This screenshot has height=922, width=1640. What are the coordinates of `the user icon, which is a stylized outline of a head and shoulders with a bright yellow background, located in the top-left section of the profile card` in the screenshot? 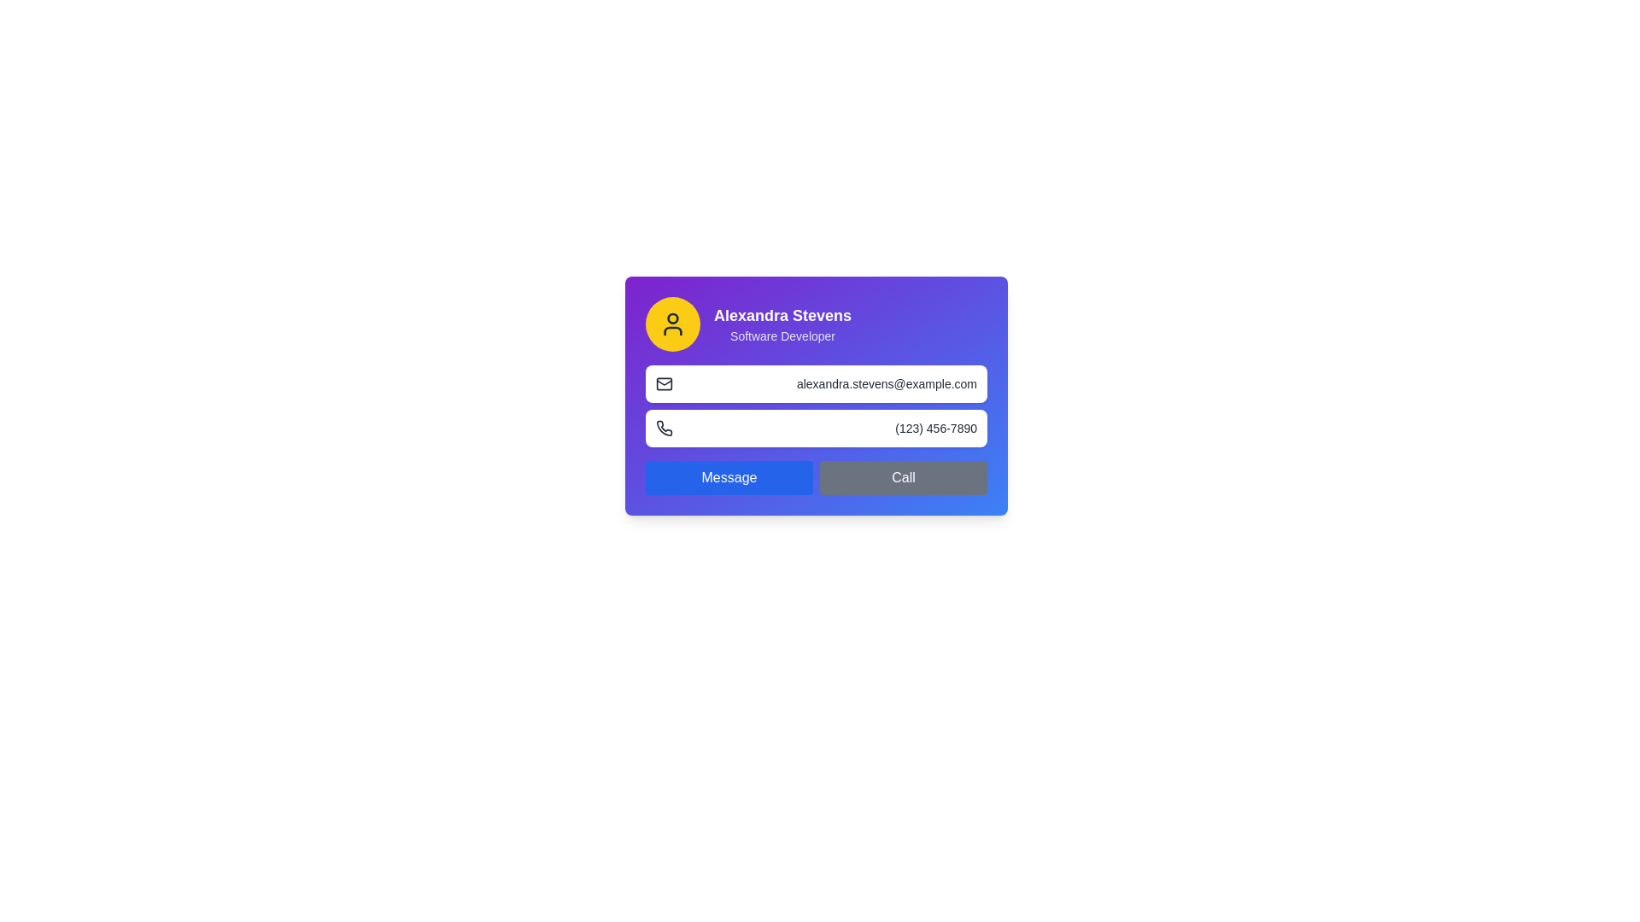 It's located at (671, 324).